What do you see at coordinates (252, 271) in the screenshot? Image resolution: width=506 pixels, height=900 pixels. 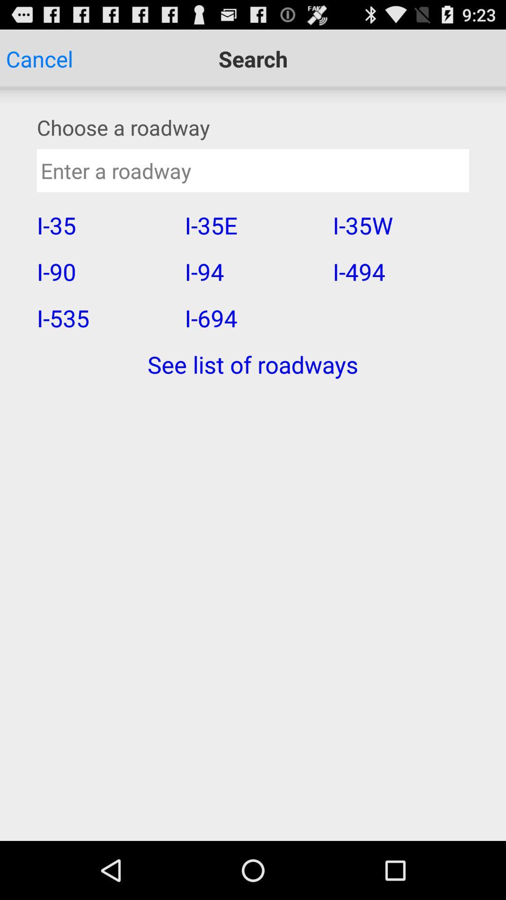 I see `the item to the left of the i-35w icon` at bounding box center [252, 271].